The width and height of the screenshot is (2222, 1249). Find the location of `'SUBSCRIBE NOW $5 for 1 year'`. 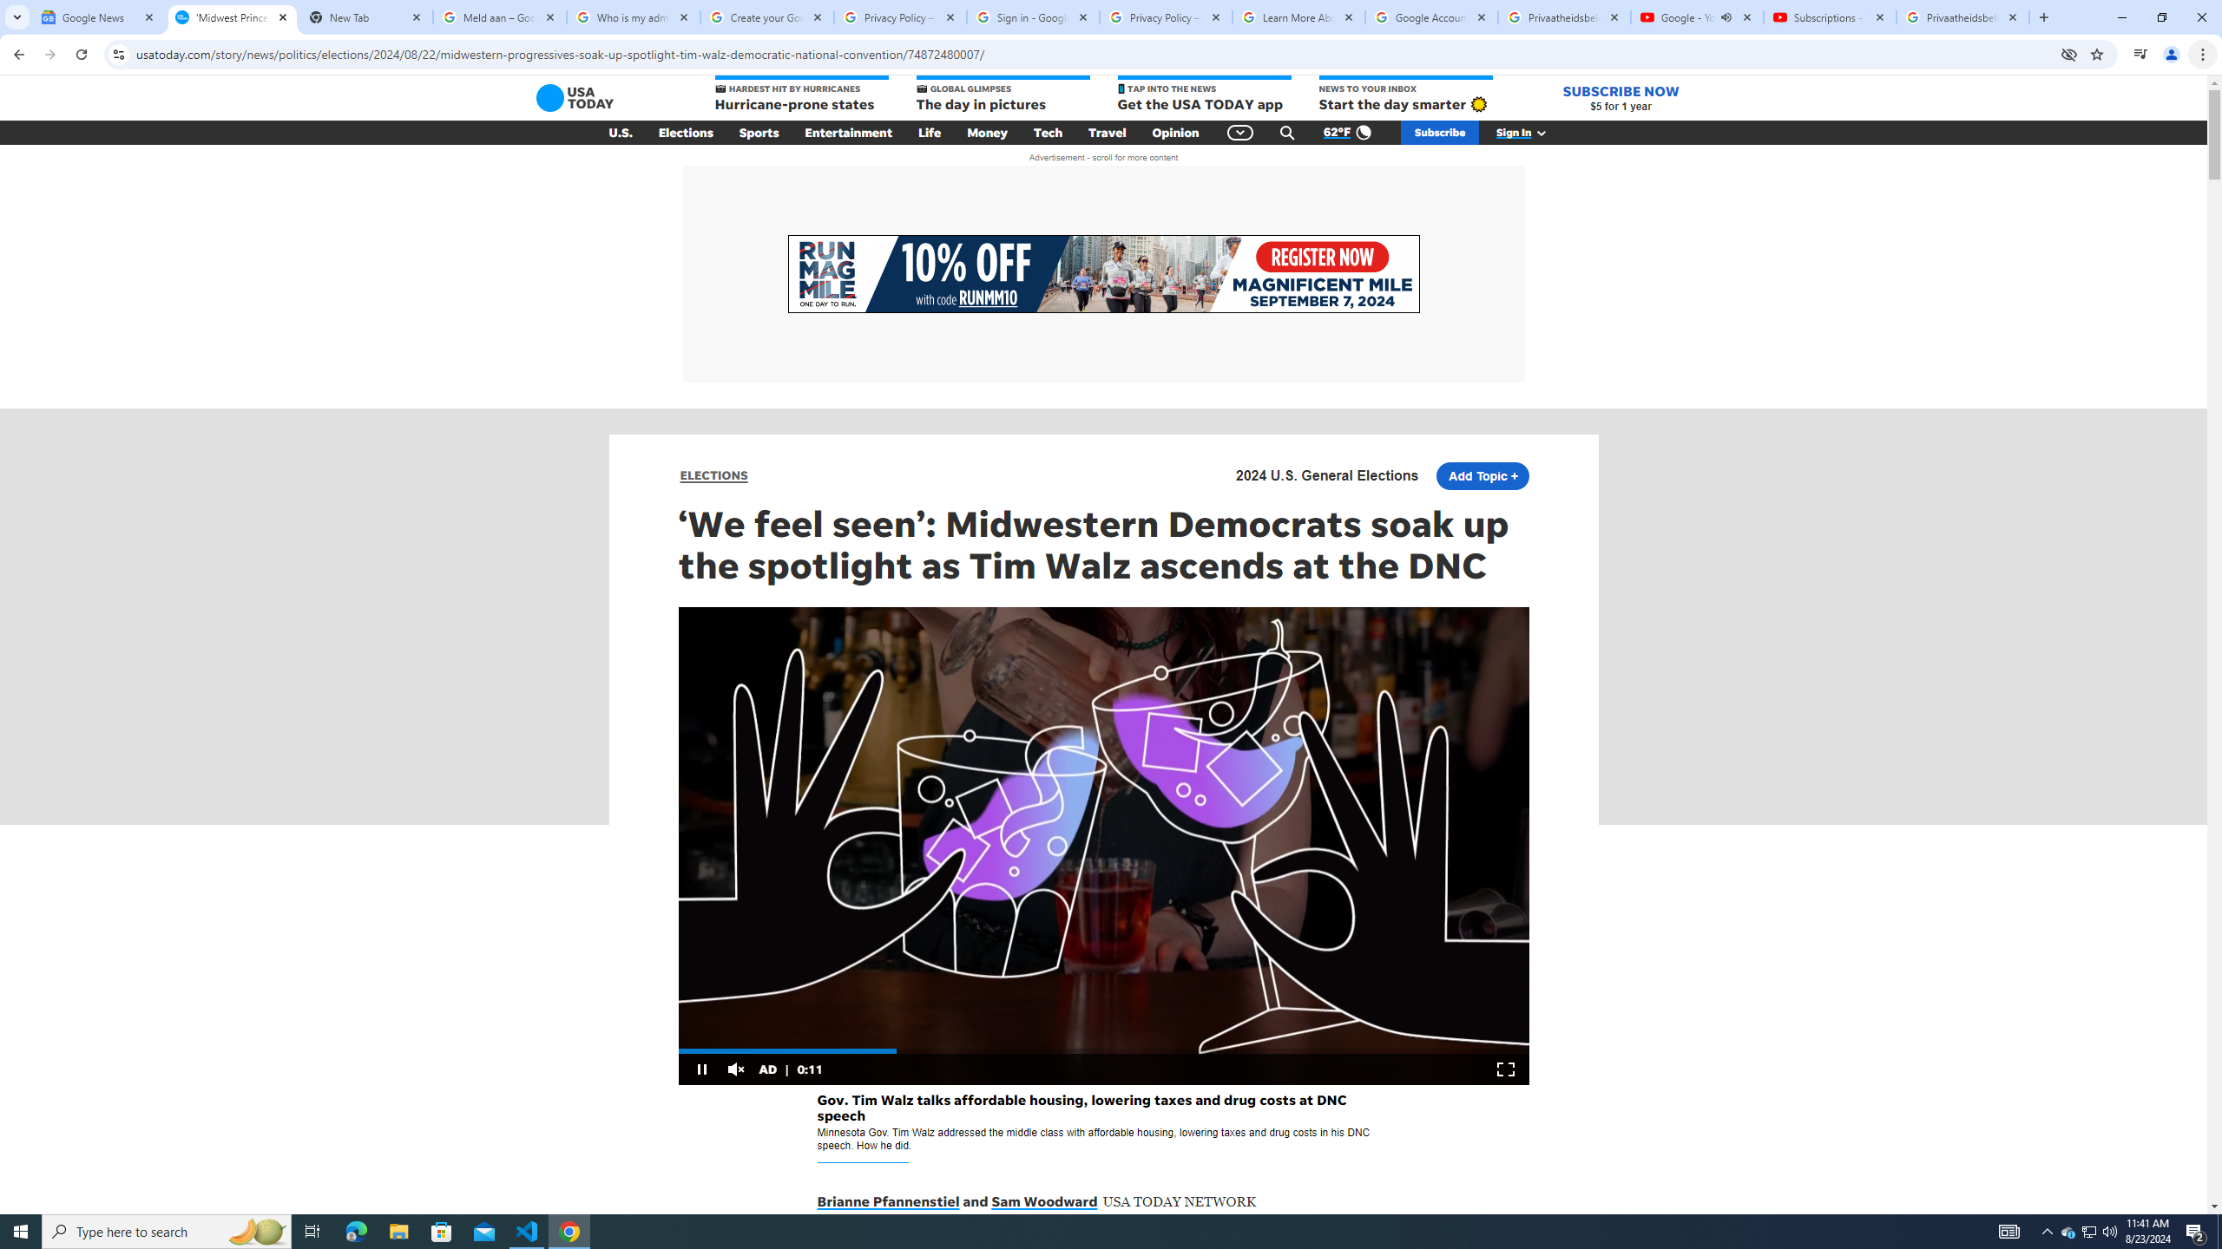

'SUBSCRIBE NOW $5 for 1 year' is located at coordinates (1620, 97).